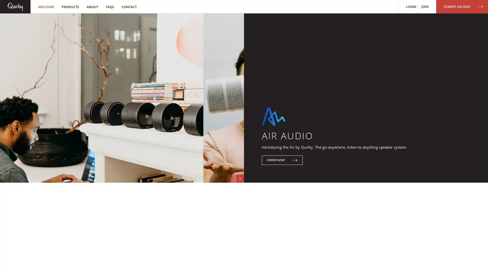  Describe the element at coordinates (239, 211) in the screenshot. I see `Next` at that location.